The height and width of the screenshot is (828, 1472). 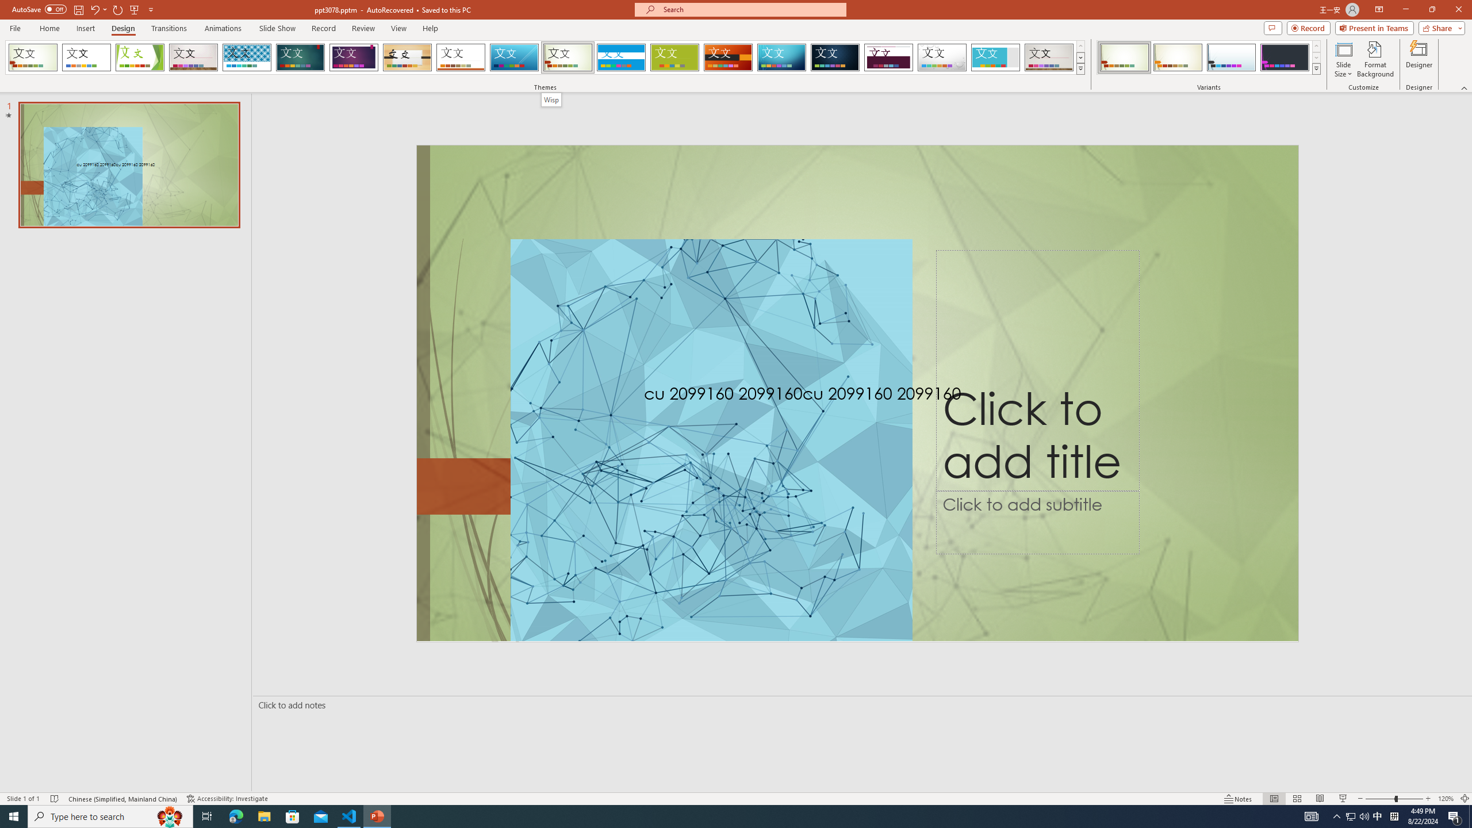 What do you see at coordinates (1374, 27) in the screenshot?
I see `'Present in Teams'` at bounding box center [1374, 27].